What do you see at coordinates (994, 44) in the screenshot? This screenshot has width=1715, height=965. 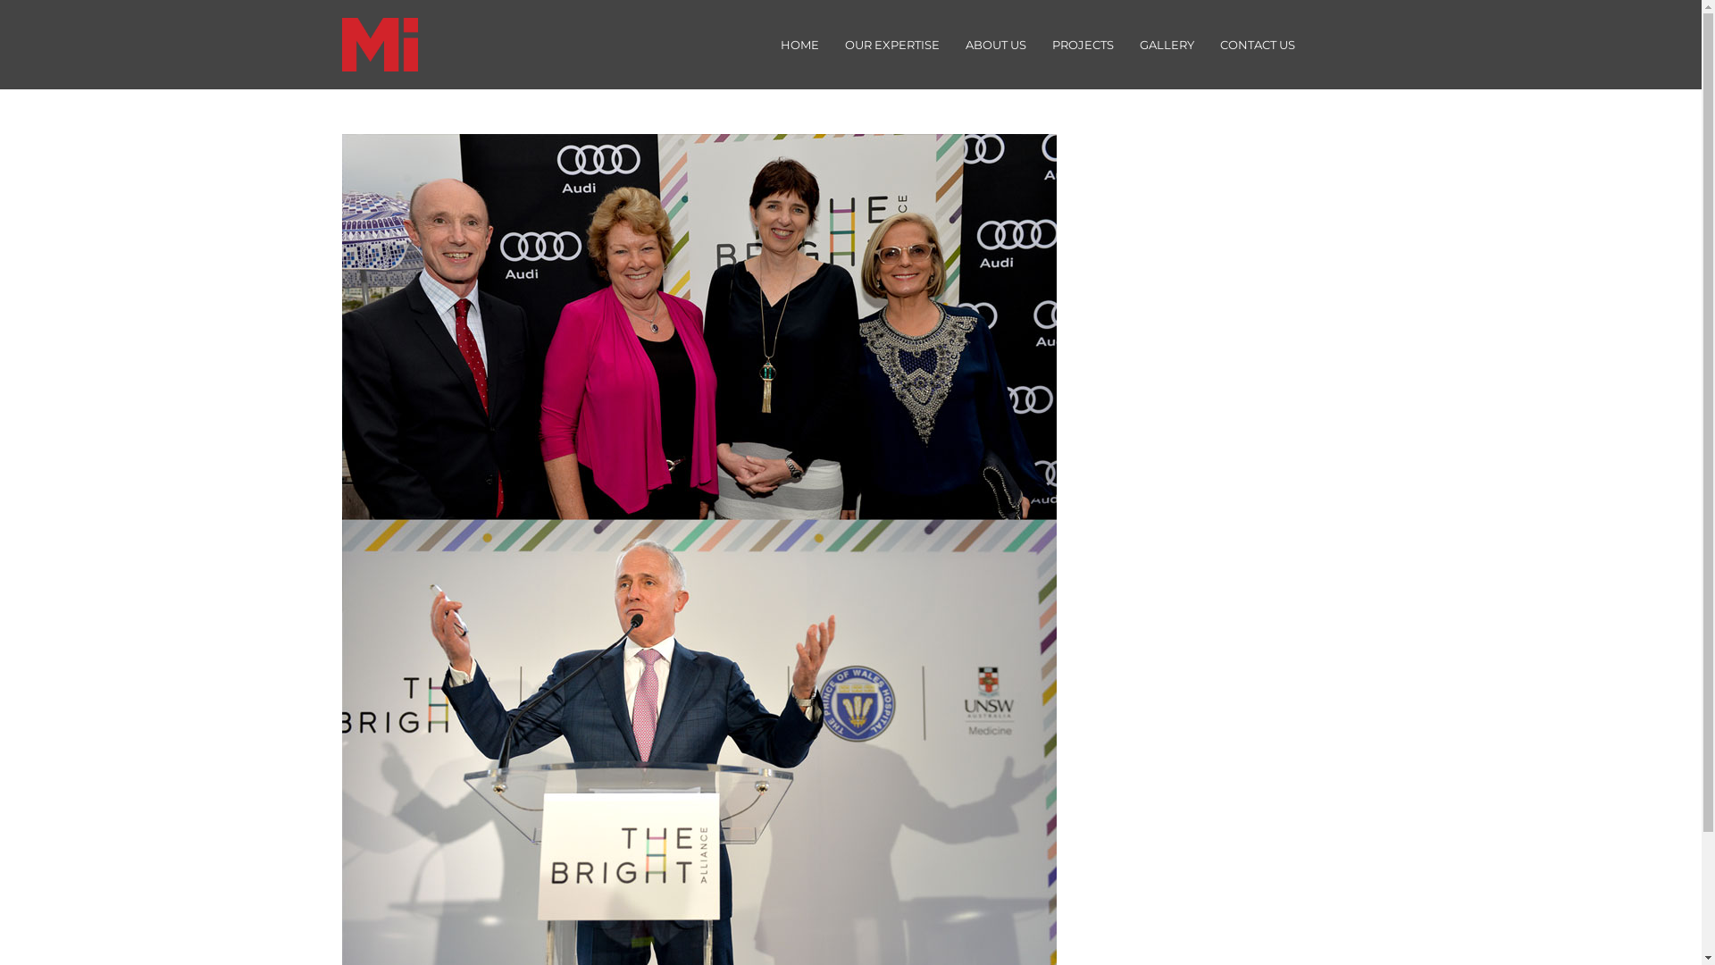 I see `'ABOUT US'` at bounding box center [994, 44].